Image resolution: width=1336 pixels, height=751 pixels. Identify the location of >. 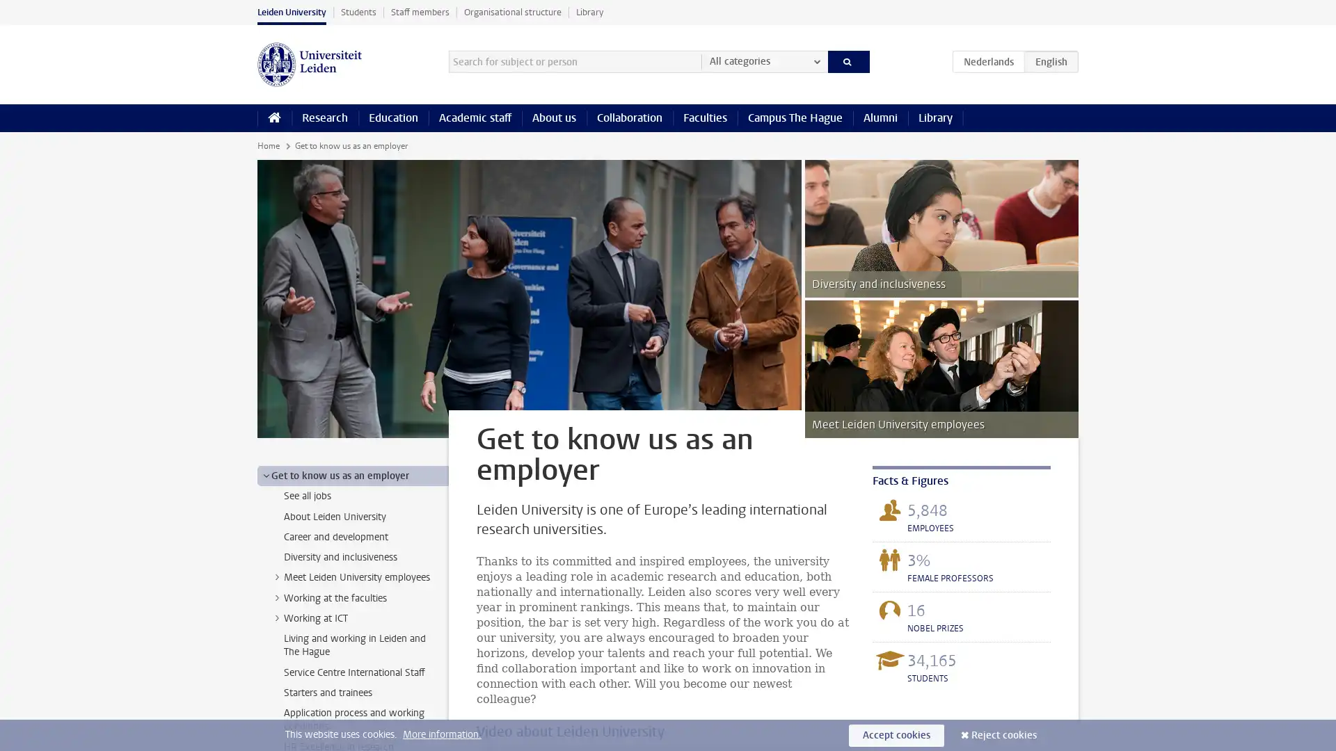
(266, 474).